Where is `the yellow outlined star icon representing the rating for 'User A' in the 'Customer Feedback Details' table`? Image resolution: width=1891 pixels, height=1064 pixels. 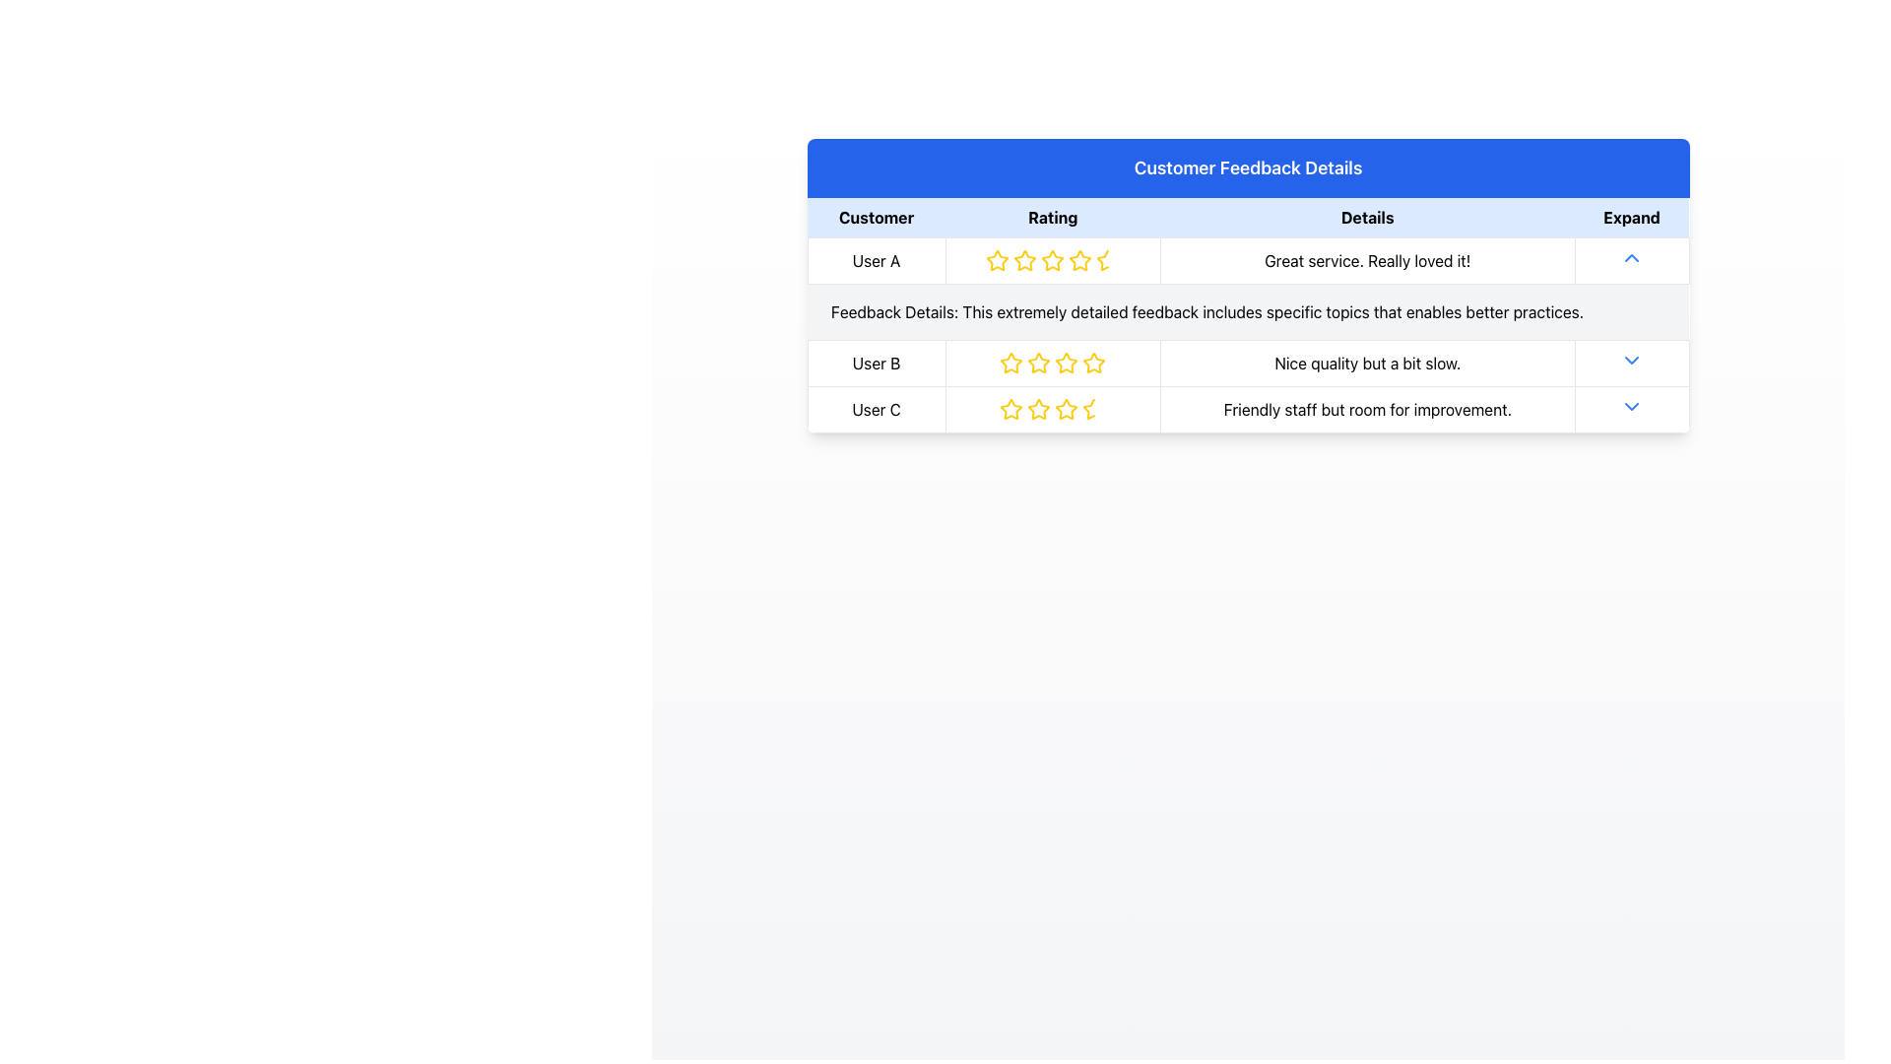
the yellow outlined star icon representing the rating for 'User A' in the 'Customer Feedback Details' table is located at coordinates (998, 260).